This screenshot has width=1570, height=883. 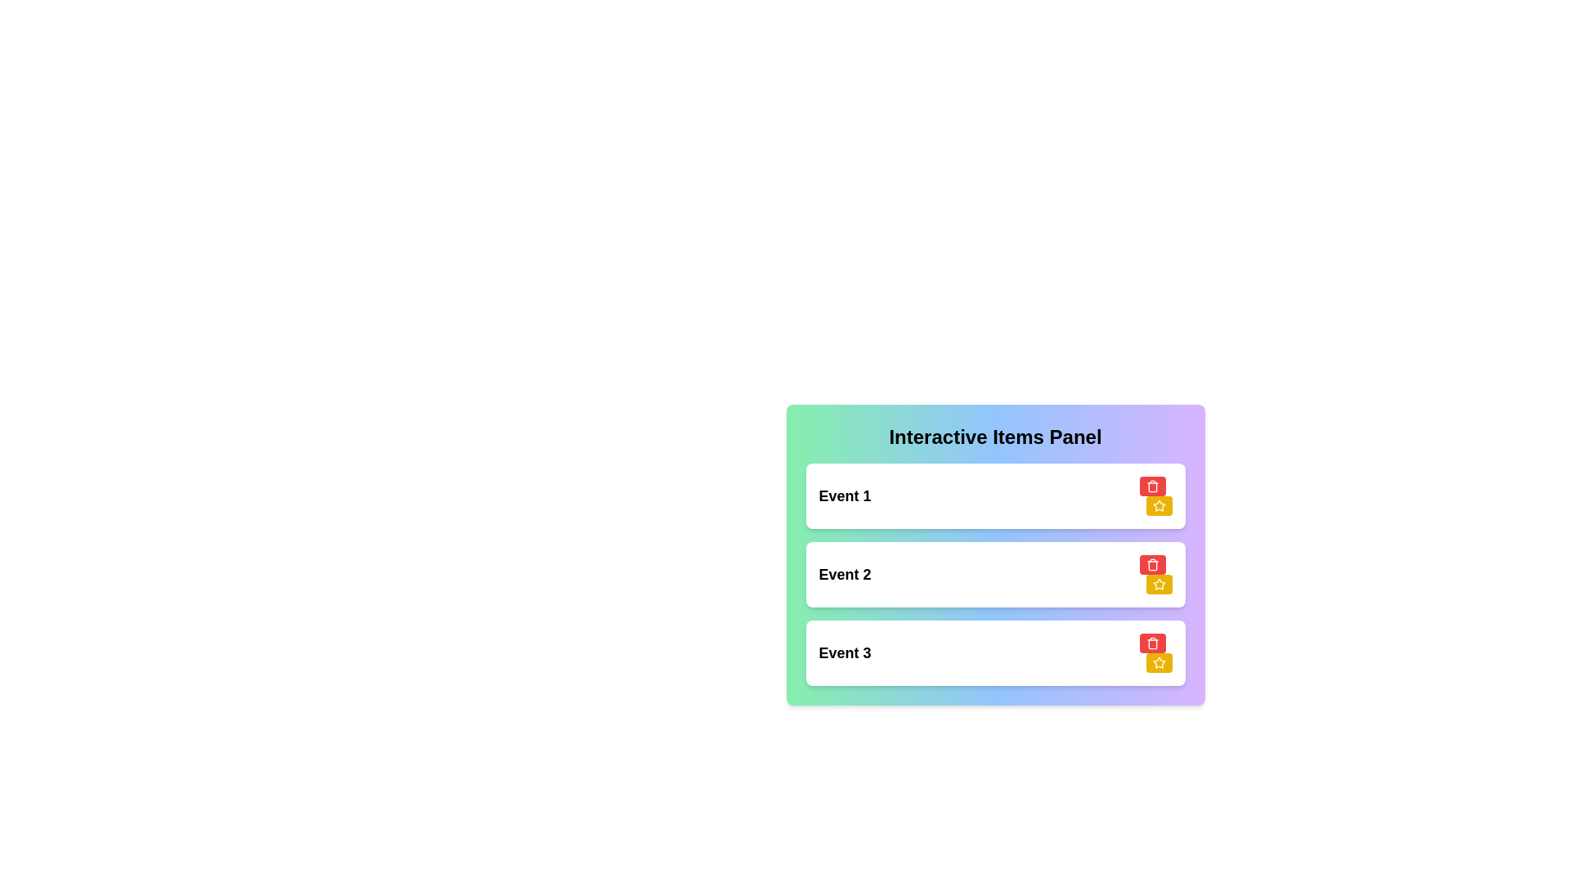 What do you see at coordinates (1158, 504) in the screenshot?
I see `the star-shaped icon with a yellow background located in the button group associated with the third item in the 'Interactive Items Panel'` at bounding box center [1158, 504].